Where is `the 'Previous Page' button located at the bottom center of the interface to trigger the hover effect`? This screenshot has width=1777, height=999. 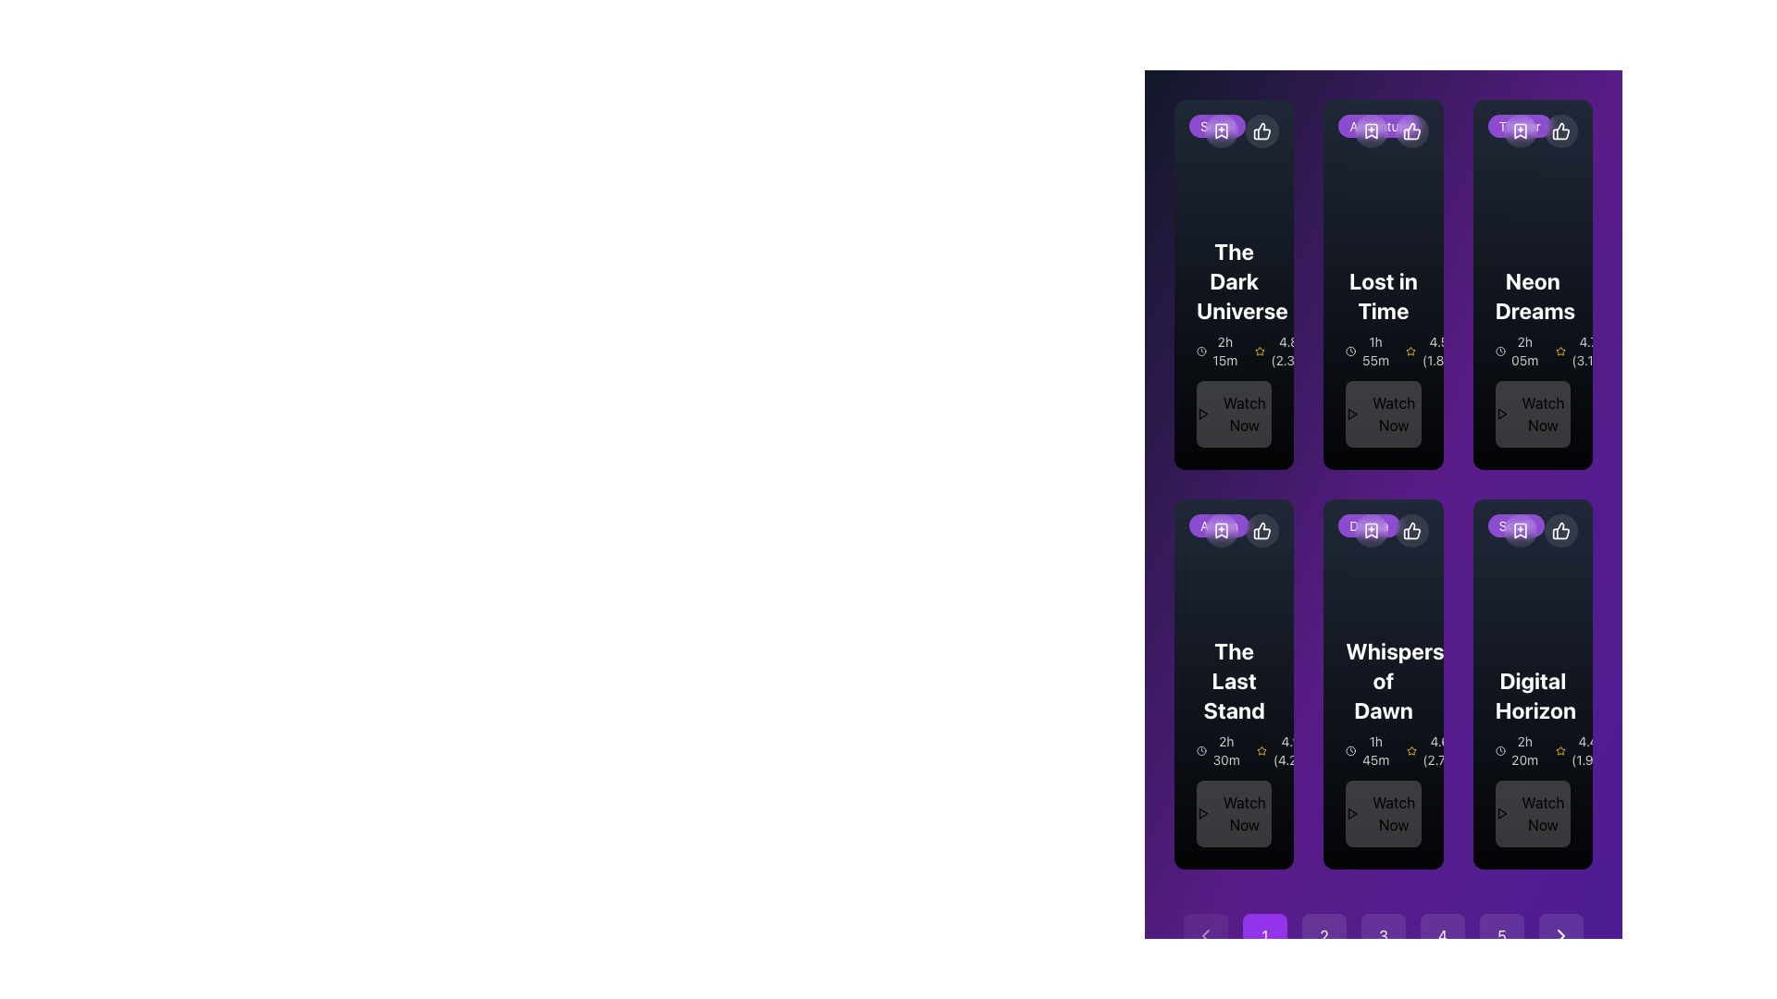 the 'Previous Page' button located at the bottom center of the interface to trigger the hover effect is located at coordinates (1205, 935).